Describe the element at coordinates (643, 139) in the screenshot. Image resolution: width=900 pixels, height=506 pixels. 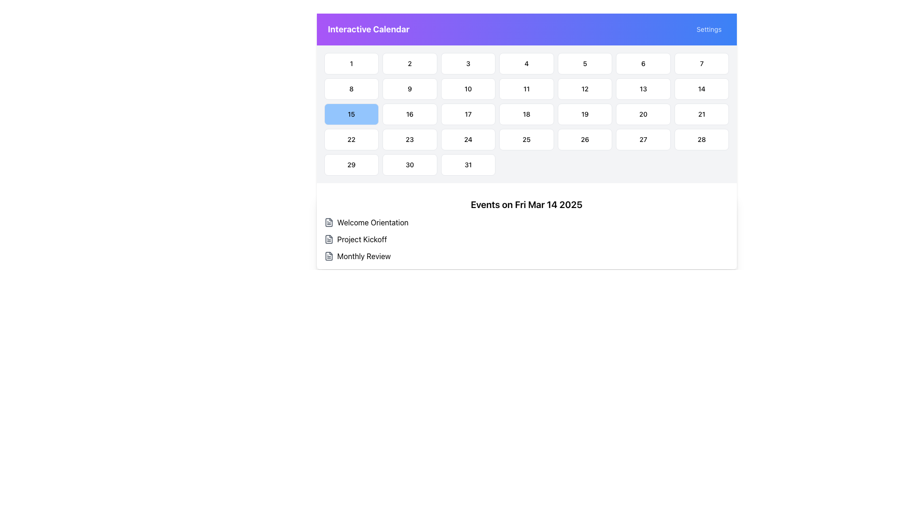
I see `the static text label displaying the numeral '27' in the calendar grid, located in the fifth row and third column` at that location.